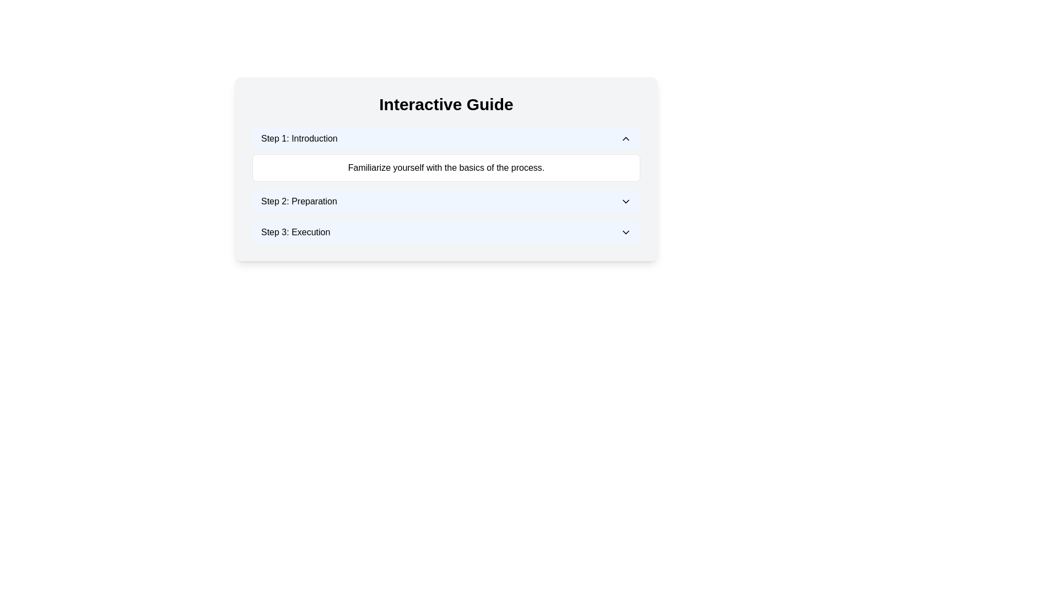 Image resolution: width=1058 pixels, height=595 pixels. What do you see at coordinates (299, 202) in the screenshot?
I see `text within the label that indicates 'Step 2: Overview', which is the second step in the interactive guide following 'Step 1: Introduction'` at bounding box center [299, 202].